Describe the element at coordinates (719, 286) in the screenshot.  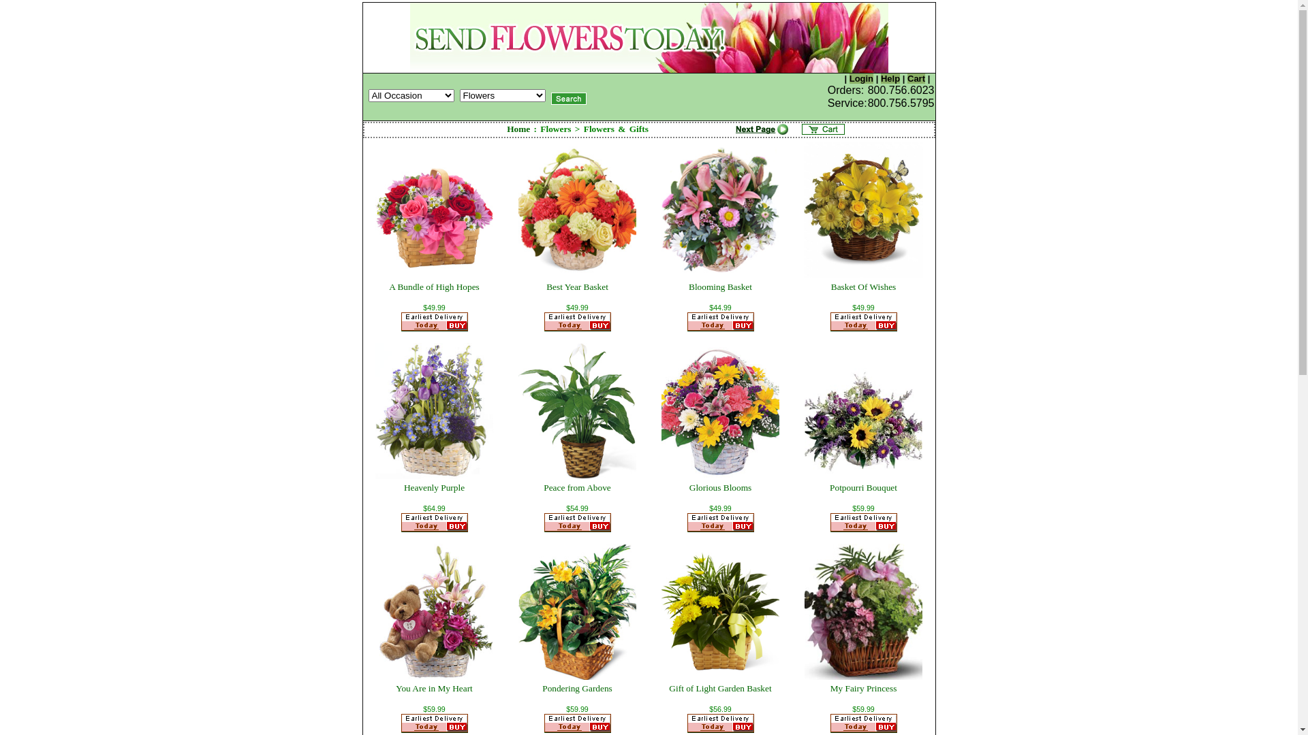
I see `'Blooming Basket'` at that location.